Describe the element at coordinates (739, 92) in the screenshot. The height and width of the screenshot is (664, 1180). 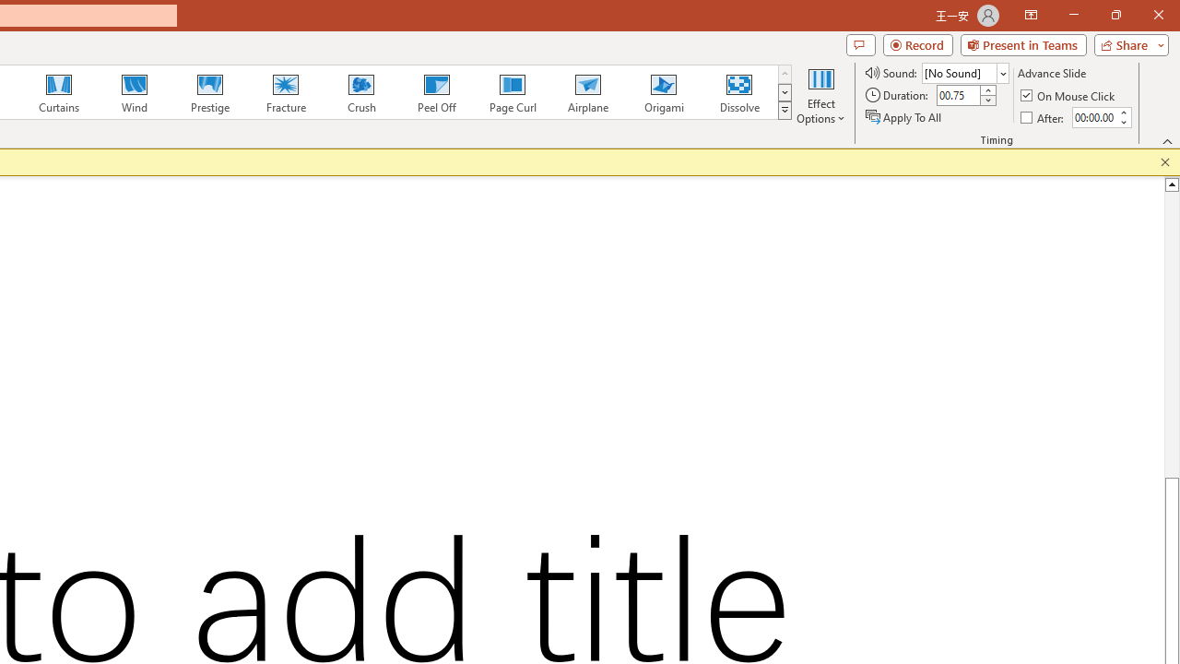
I see `'Dissolve'` at that location.